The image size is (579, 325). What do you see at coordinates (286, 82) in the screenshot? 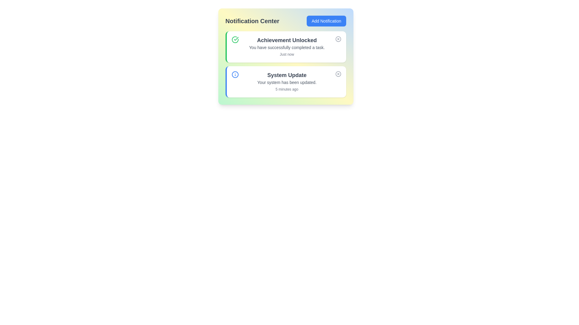
I see `the TextDisplay element that provides details about the system update, located below the 'System Update' heading and above the '5 minutes ago' timestamp in the notification card` at bounding box center [286, 82].